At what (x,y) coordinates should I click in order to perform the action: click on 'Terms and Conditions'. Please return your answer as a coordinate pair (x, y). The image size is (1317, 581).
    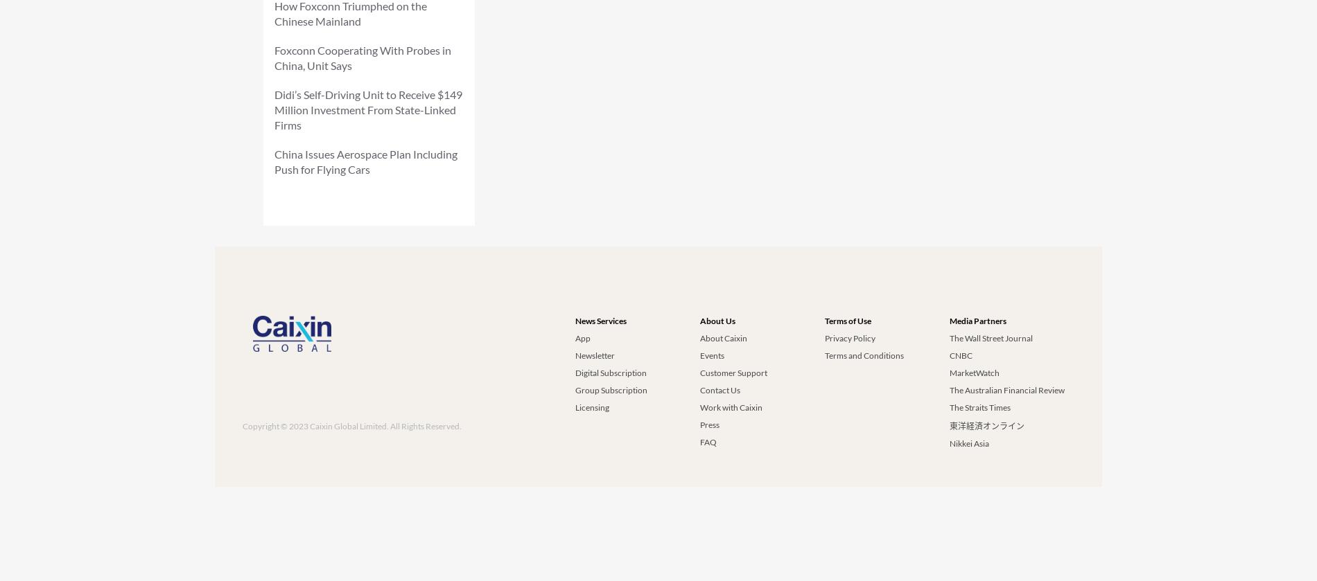
    Looking at the image, I should click on (863, 355).